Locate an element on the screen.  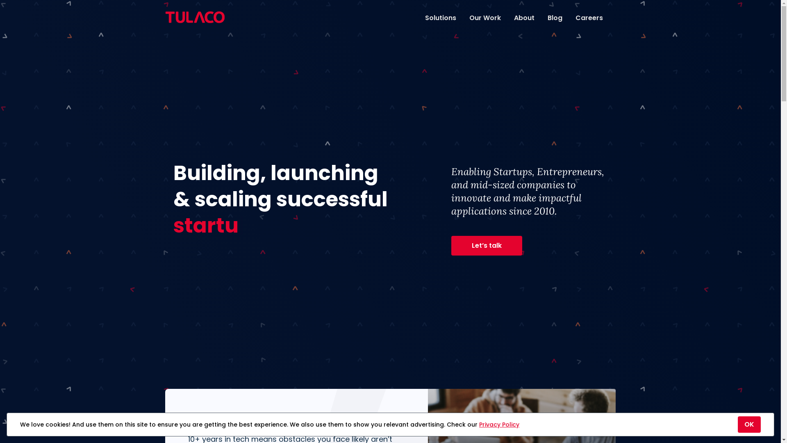
'About' is located at coordinates (523, 17).